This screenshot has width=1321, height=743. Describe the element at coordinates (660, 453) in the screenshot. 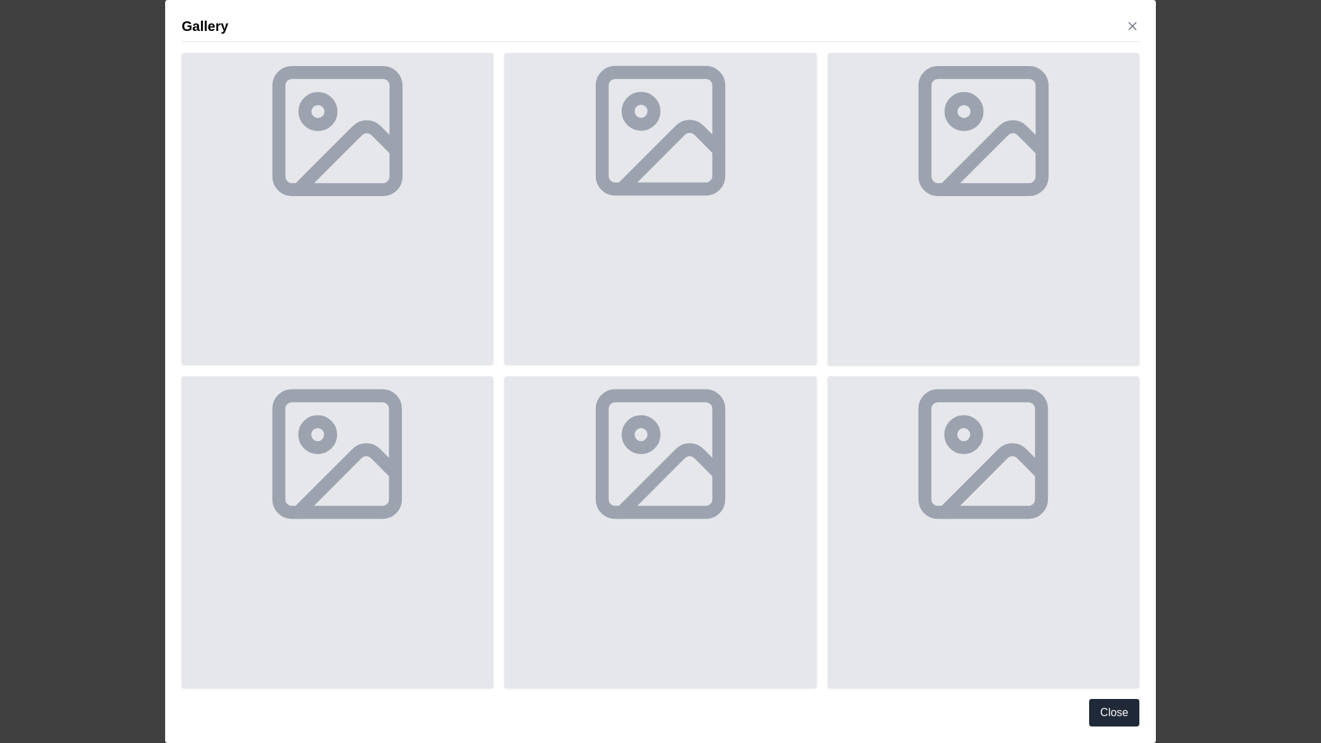

I see `the picture frame icon, which is the third element in the second row of a grid of six similar items, to interact with it` at that location.